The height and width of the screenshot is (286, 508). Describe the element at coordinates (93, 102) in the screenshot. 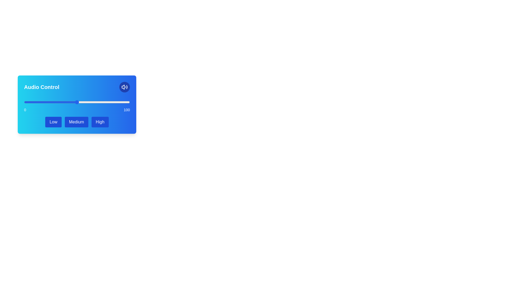

I see `the slider value` at that location.